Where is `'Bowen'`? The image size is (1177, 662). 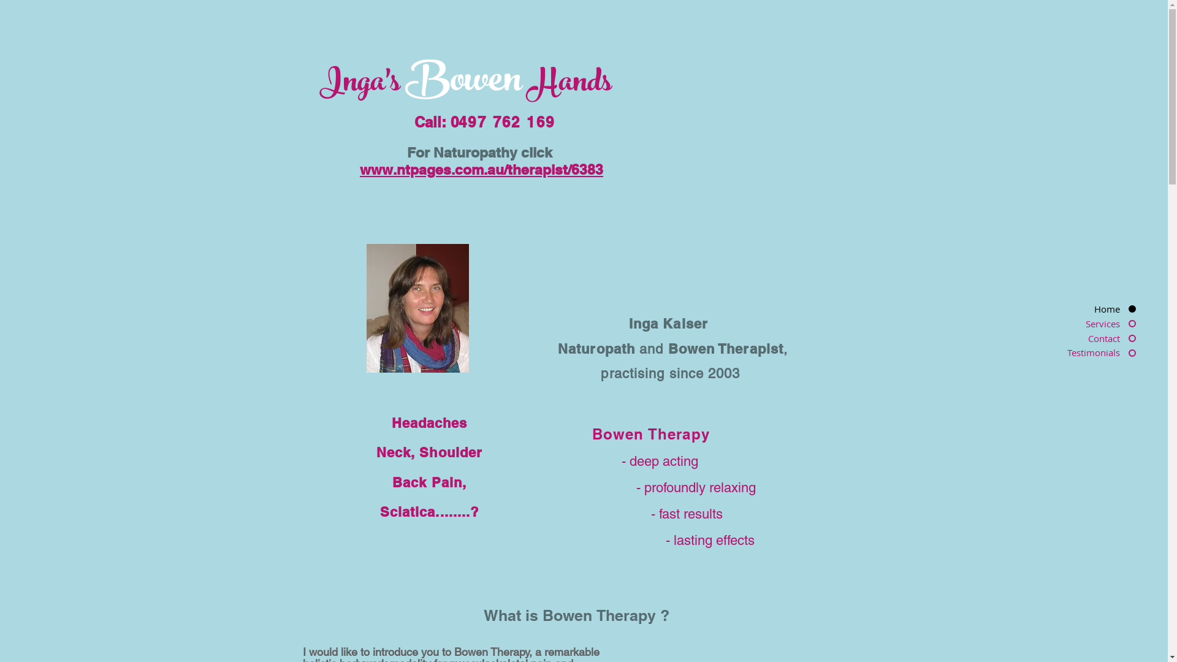 'Bowen' is located at coordinates (405, 83).